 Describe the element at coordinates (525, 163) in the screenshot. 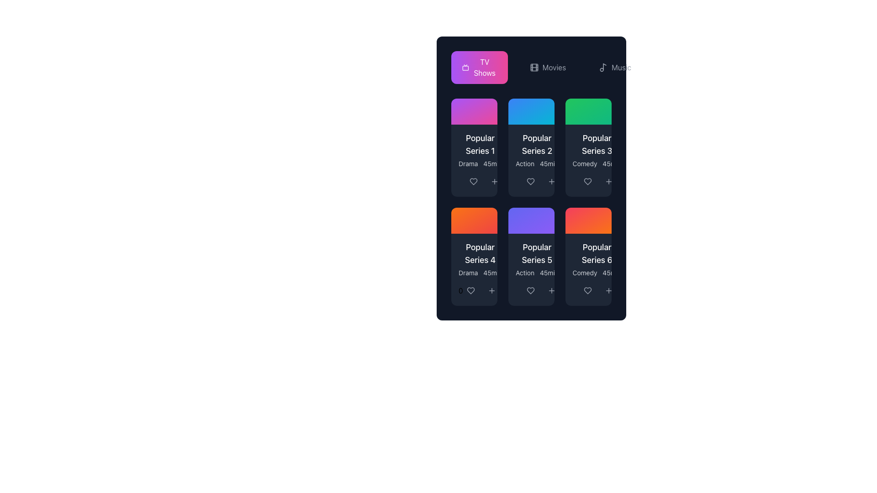

I see `text content of the label indicating the genre of the series, which is located in the bottom-left portion of the 'Popular Series 5' card in the second row and second column of the grid layout` at that location.